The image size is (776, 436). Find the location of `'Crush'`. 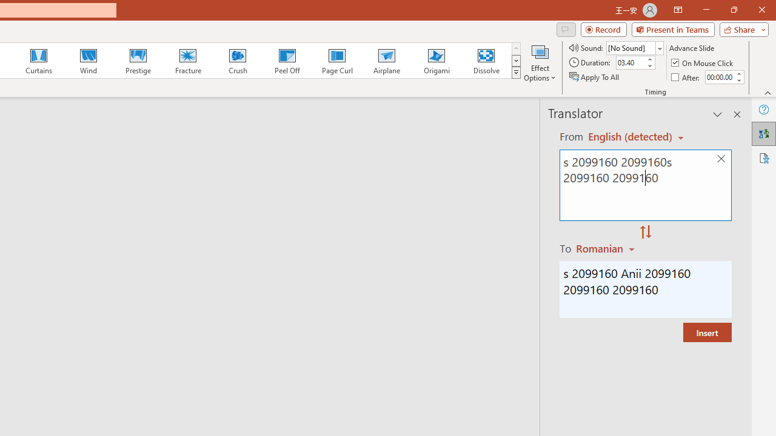

'Crush' is located at coordinates (237, 61).